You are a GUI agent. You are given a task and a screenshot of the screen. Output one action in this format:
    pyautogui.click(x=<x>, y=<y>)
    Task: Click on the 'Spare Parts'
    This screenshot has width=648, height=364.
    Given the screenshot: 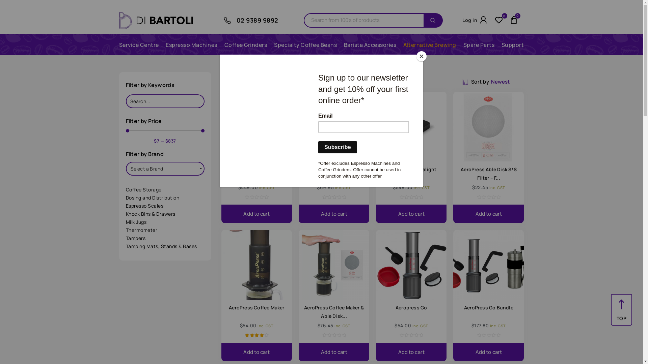 What is the action you would take?
    pyautogui.click(x=479, y=44)
    